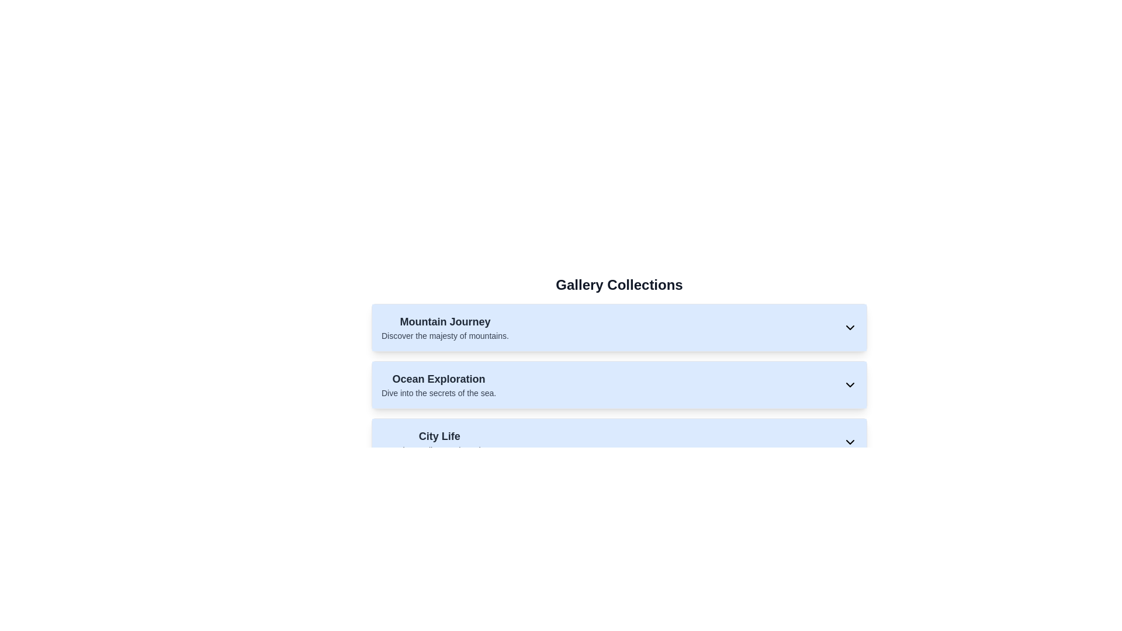 The image size is (1122, 631). What do you see at coordinates (619, 385) in the screenshot?
I see `or tab-navigate to the 'Ocean Exploration' interactive card` at bounding box center [619, 385].